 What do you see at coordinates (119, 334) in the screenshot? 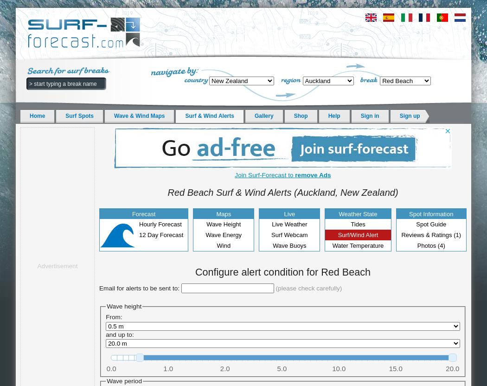
I see `'and up to:'` at bounding box center [119, 334].